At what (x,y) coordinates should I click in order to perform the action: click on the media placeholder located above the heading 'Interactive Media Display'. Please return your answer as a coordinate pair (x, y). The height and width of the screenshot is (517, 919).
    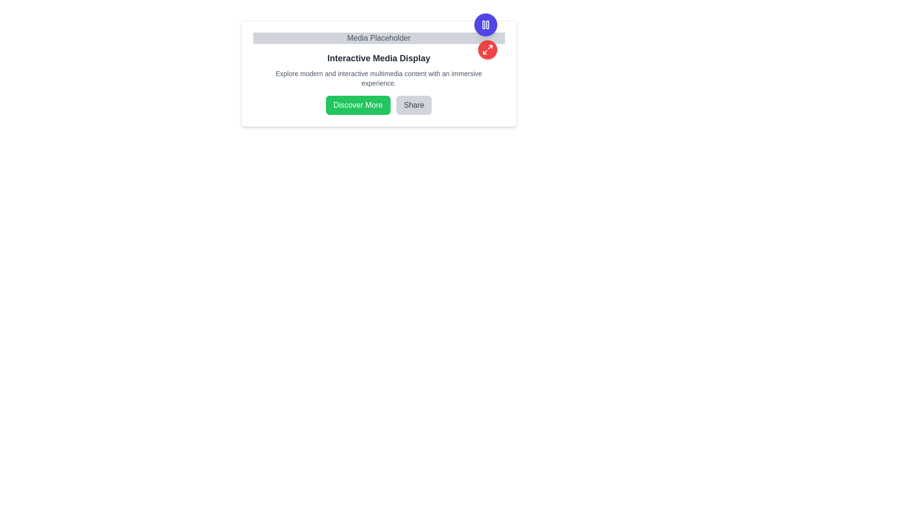
    Looking at the image, I should click on (378, 38).